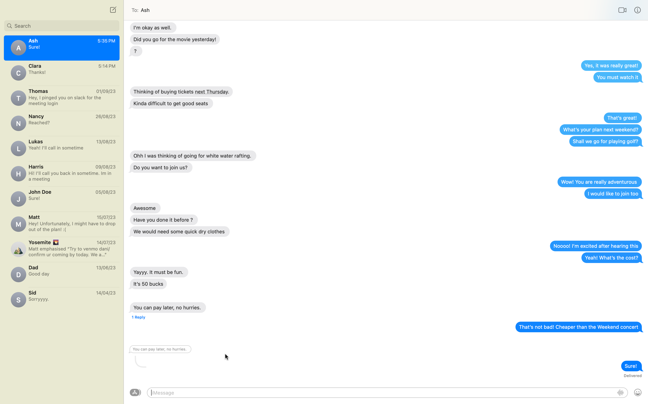 The height and width of the screenshot is (404, 648). I want to click on chat with contact John using search feature, so click(61, 25).